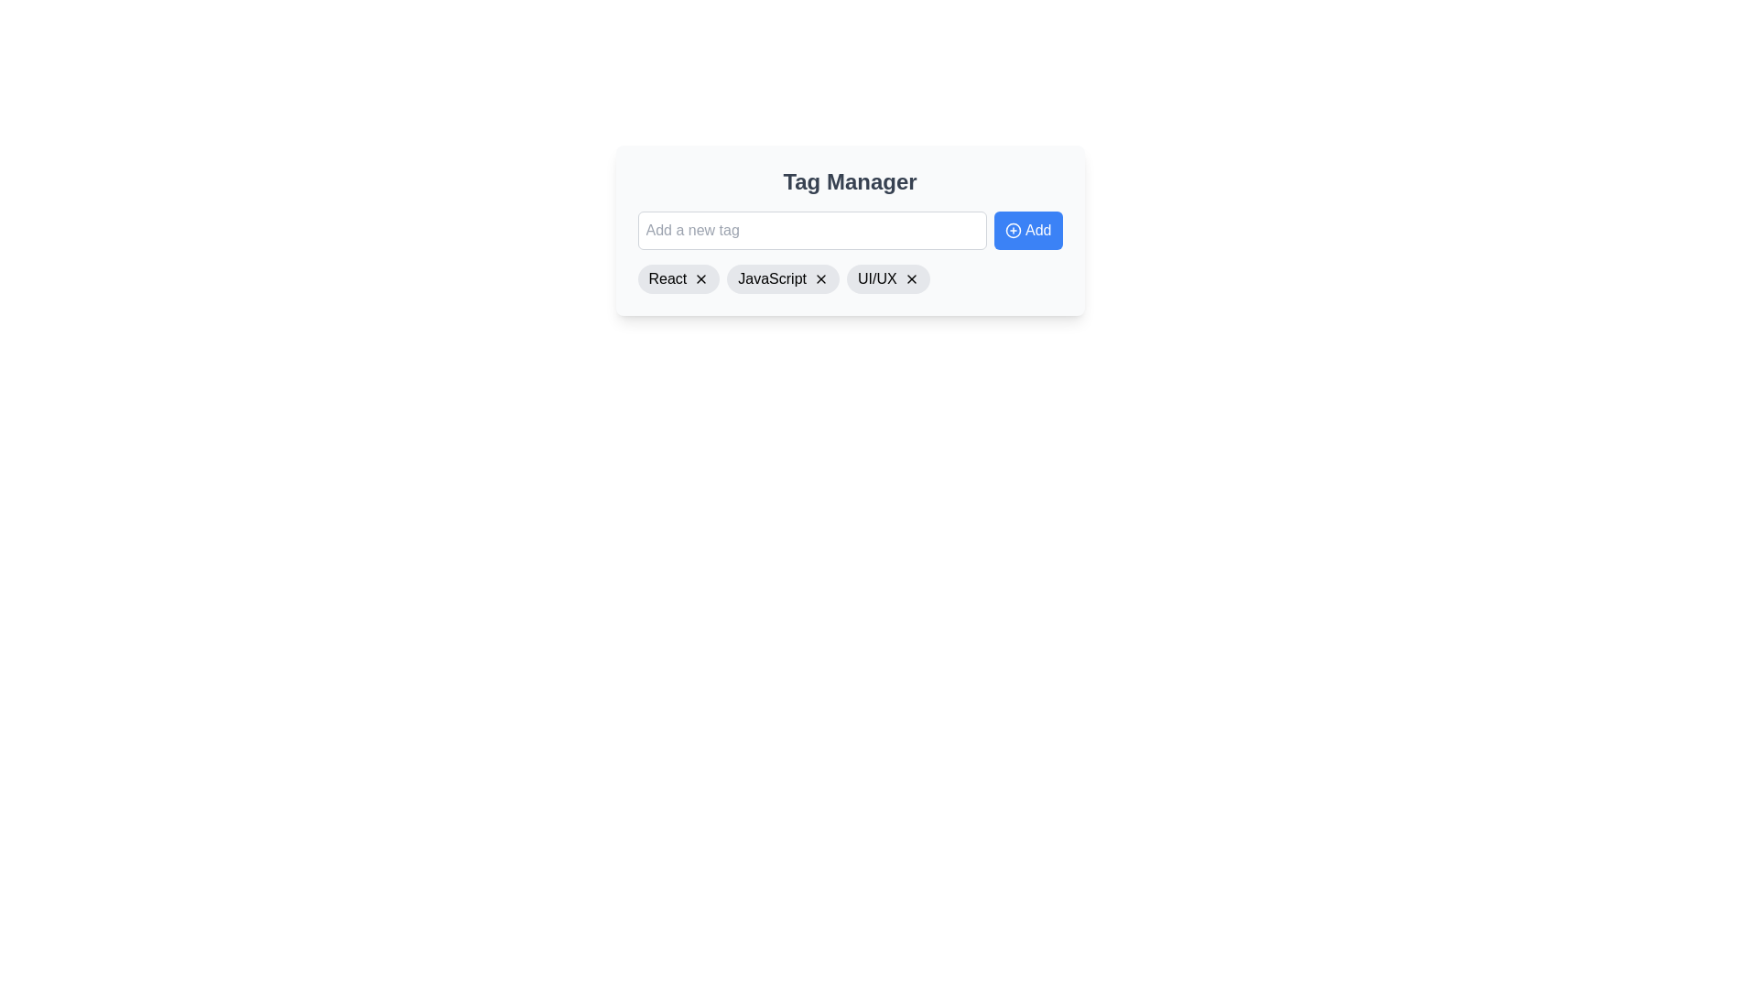  I want to click on the button that removes the 'UI/UX' tag from the list, so click(911, 278).